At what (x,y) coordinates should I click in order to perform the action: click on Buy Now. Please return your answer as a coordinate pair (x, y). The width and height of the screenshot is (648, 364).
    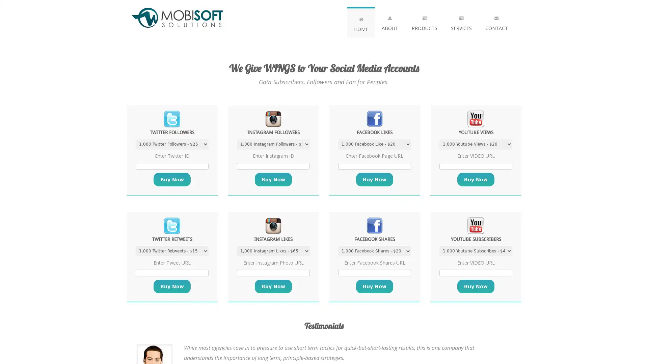
    Looking at the image, I should click on (374, 286).